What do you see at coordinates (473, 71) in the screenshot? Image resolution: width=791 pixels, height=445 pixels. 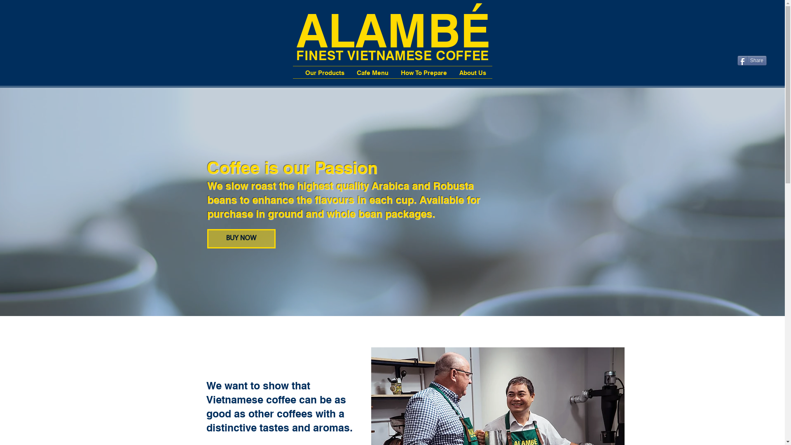 I see `'About Us'` at bounding box center [473, 71].